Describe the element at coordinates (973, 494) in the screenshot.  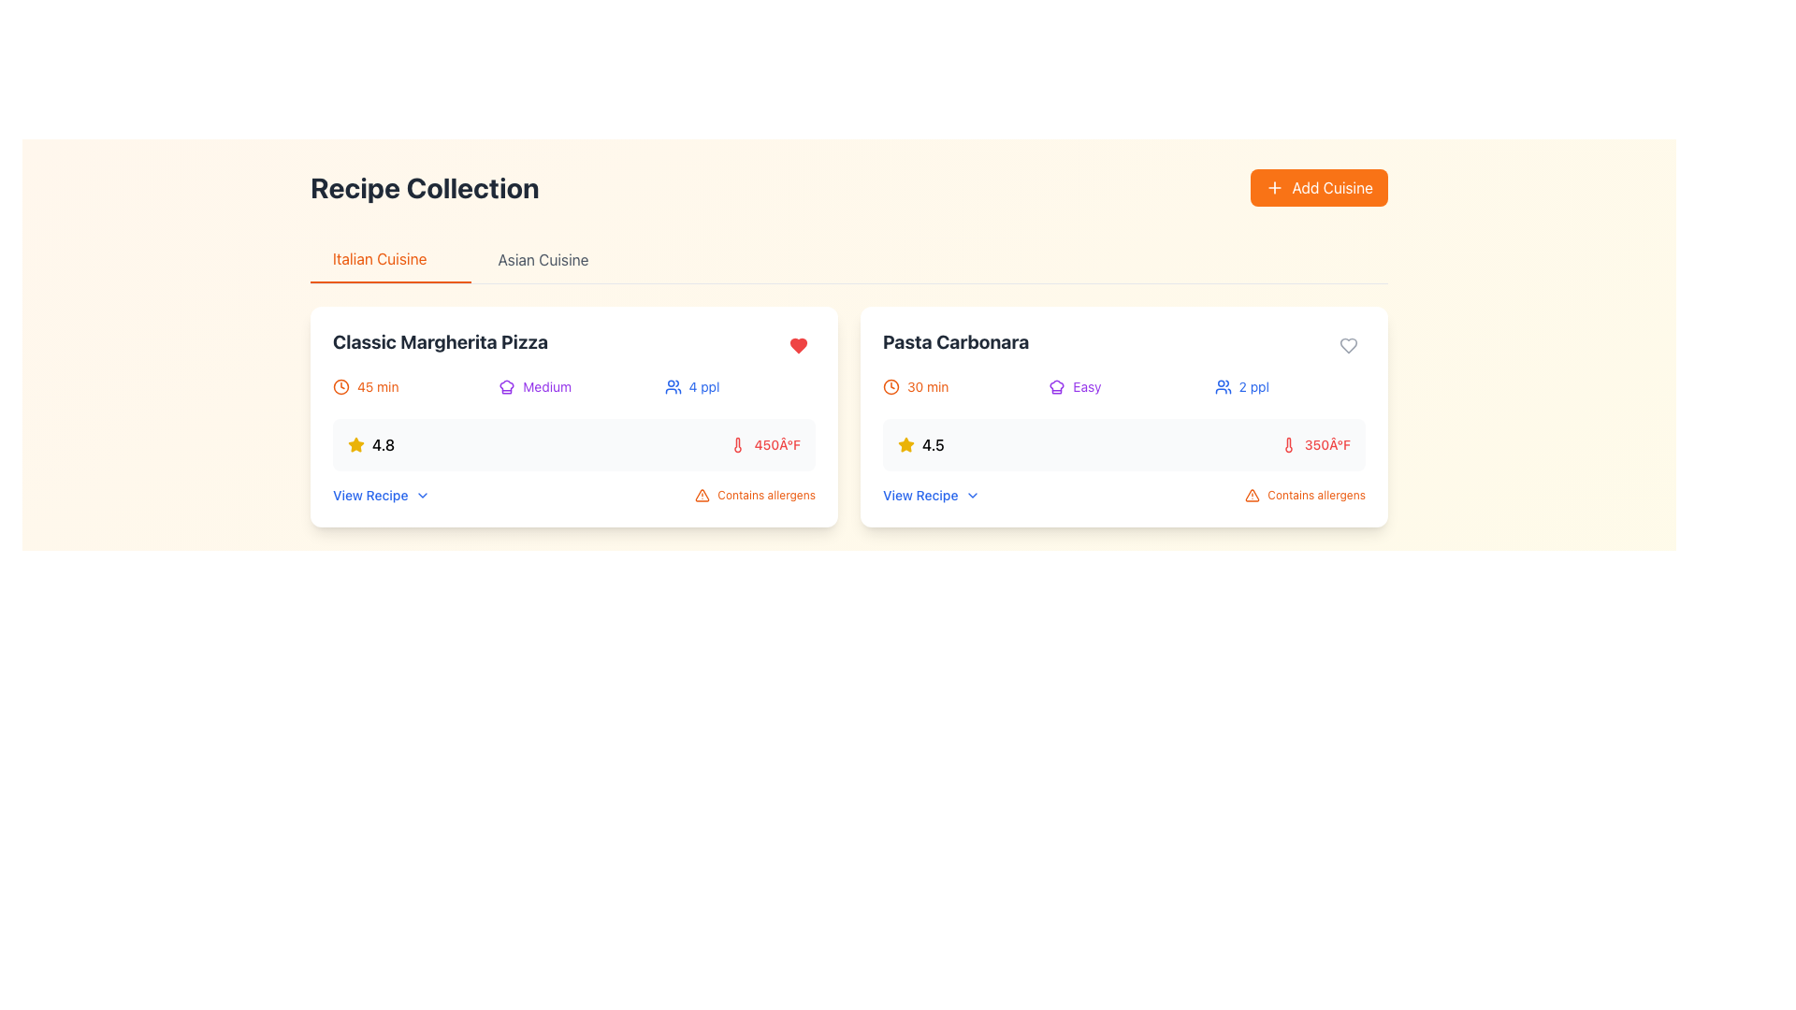
I see `the chevron icon next to the 'View Recipe' text` at that location.